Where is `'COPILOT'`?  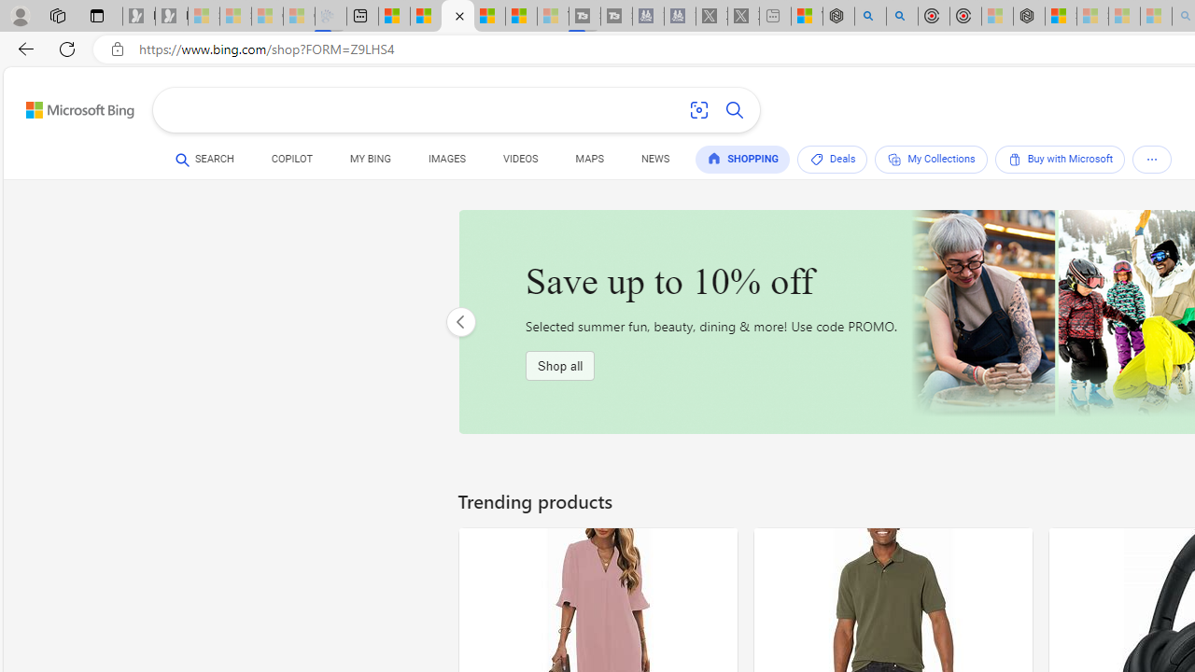 'COPILOT' is located at coordinates (290, 161).